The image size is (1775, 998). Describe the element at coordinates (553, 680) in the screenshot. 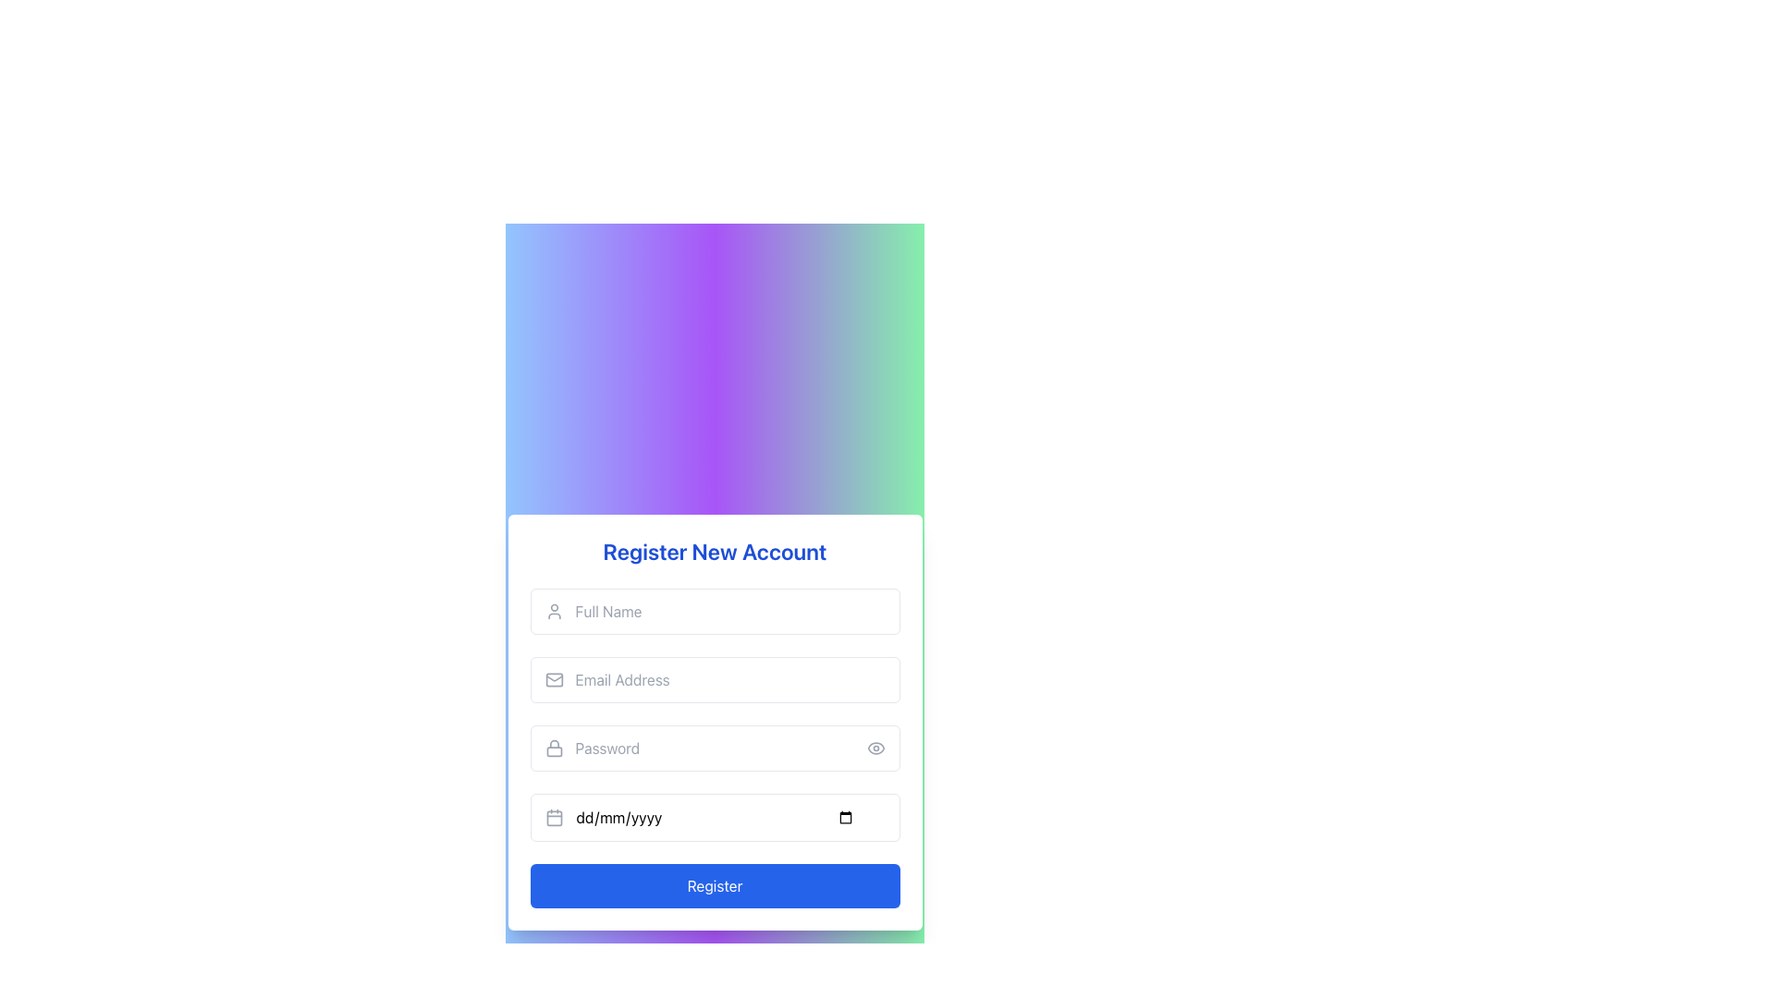

I see `the outlined envelope icon located to the left of the 'Email Address' input field` at that location.